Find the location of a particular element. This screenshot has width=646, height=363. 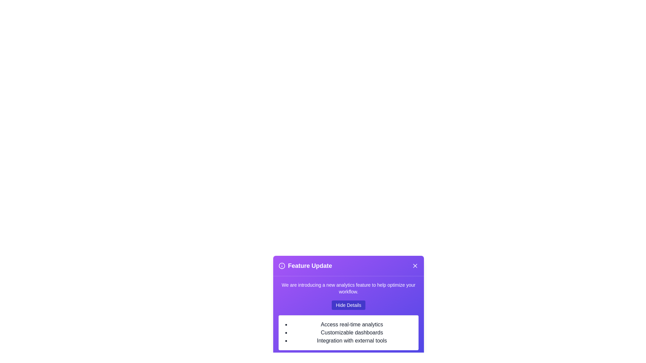

close button to dismiss the alert box is located at coordinates (415, 265).